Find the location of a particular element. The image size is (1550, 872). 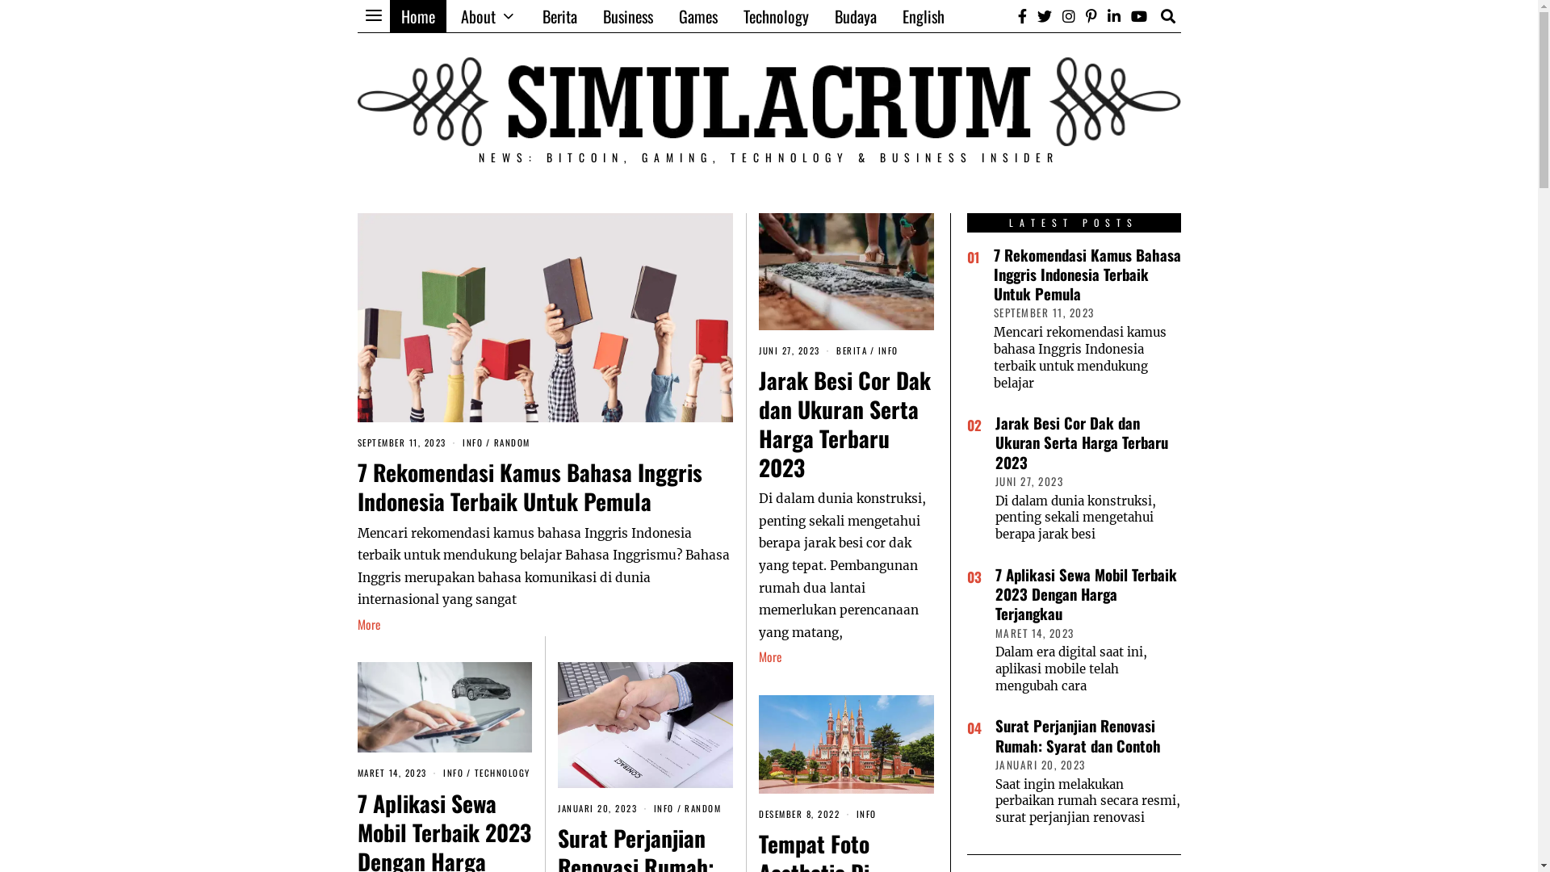

'Home' is located at coordinates (388, 15).